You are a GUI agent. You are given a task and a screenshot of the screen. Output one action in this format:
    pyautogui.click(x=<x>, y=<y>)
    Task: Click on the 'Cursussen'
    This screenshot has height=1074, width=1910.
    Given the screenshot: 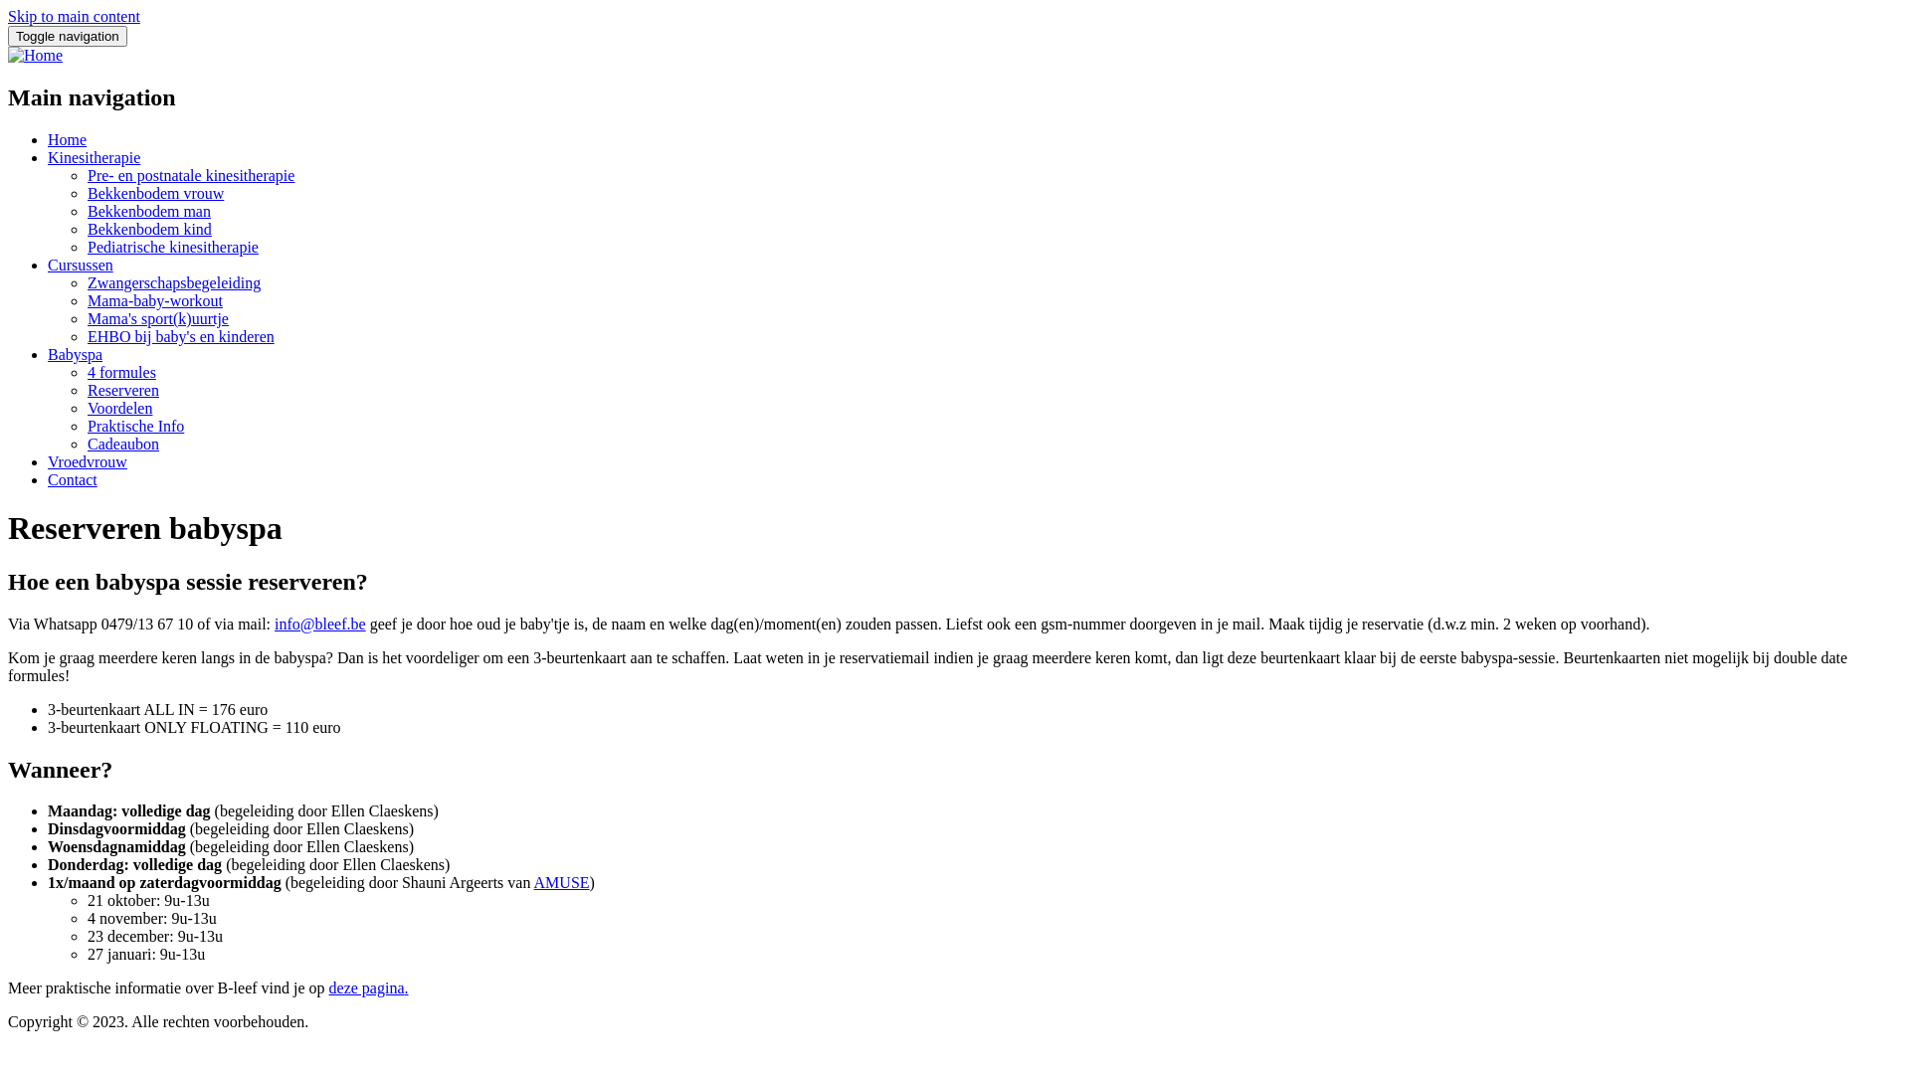 What is the action you would take?
    pyautogui.click(x=80, y=264)
    